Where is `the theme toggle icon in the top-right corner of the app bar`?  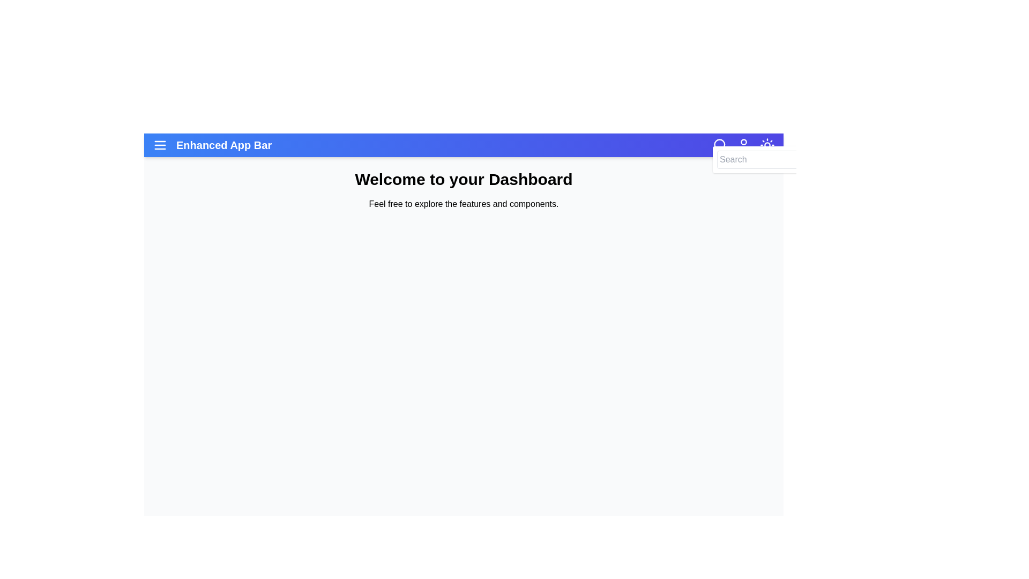 the theme toggle icon in the top-right corner of the app bar is located at coordinates (766, 145).